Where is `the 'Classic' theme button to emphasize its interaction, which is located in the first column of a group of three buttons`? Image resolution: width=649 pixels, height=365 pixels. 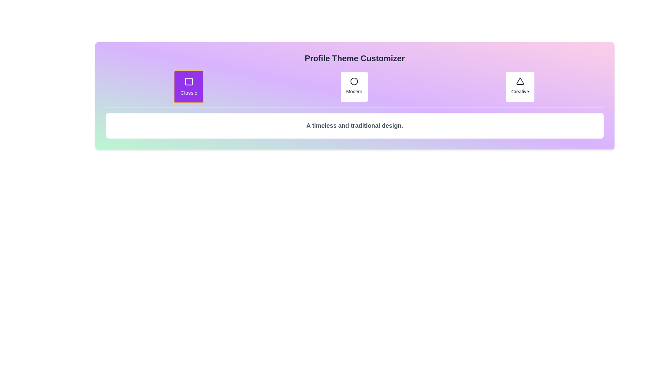 the 'Classic' theme button to emphasize its interaction, which is located in the first column of a group of three buttons is located at coordinates (189, 87).